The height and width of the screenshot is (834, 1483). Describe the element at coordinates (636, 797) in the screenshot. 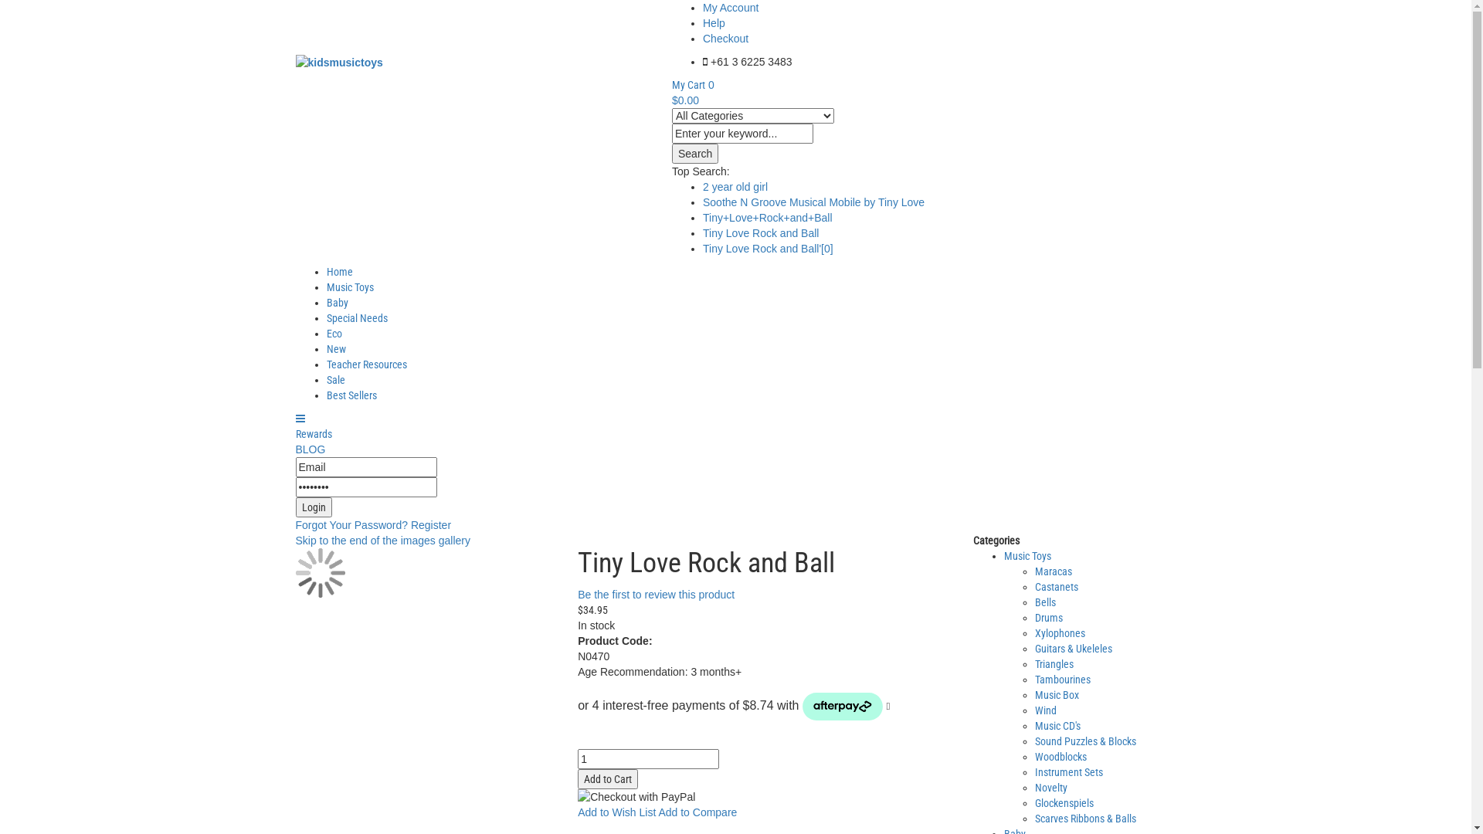

I see `'Checkout with PayPal'` at that location.